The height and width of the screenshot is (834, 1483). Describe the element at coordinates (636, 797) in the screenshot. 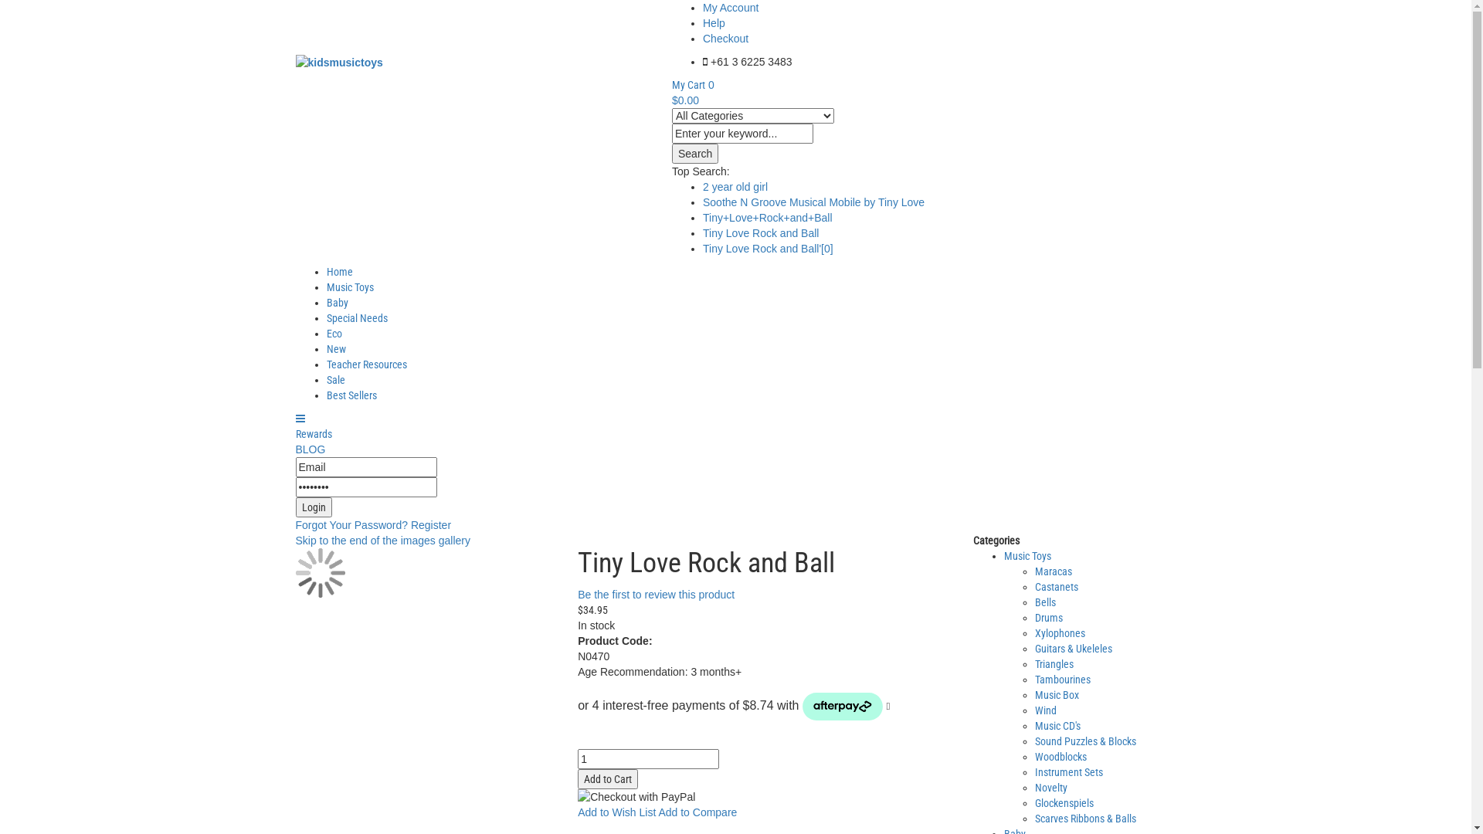

I see `'Checkout with PayPal'` at that location.